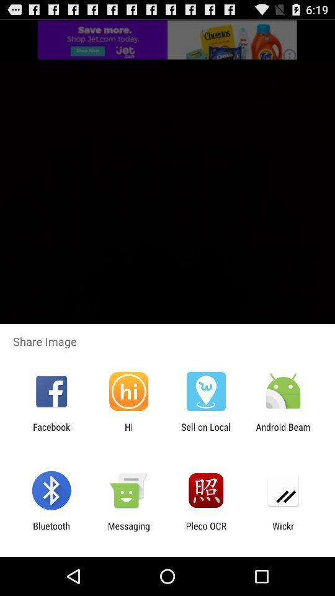 The image size is (335, 596). What do you see at coordinates (128, 531) in the screenshot?
I see `app to the left of pleco ocr icon` at bounding box center [128, 531].